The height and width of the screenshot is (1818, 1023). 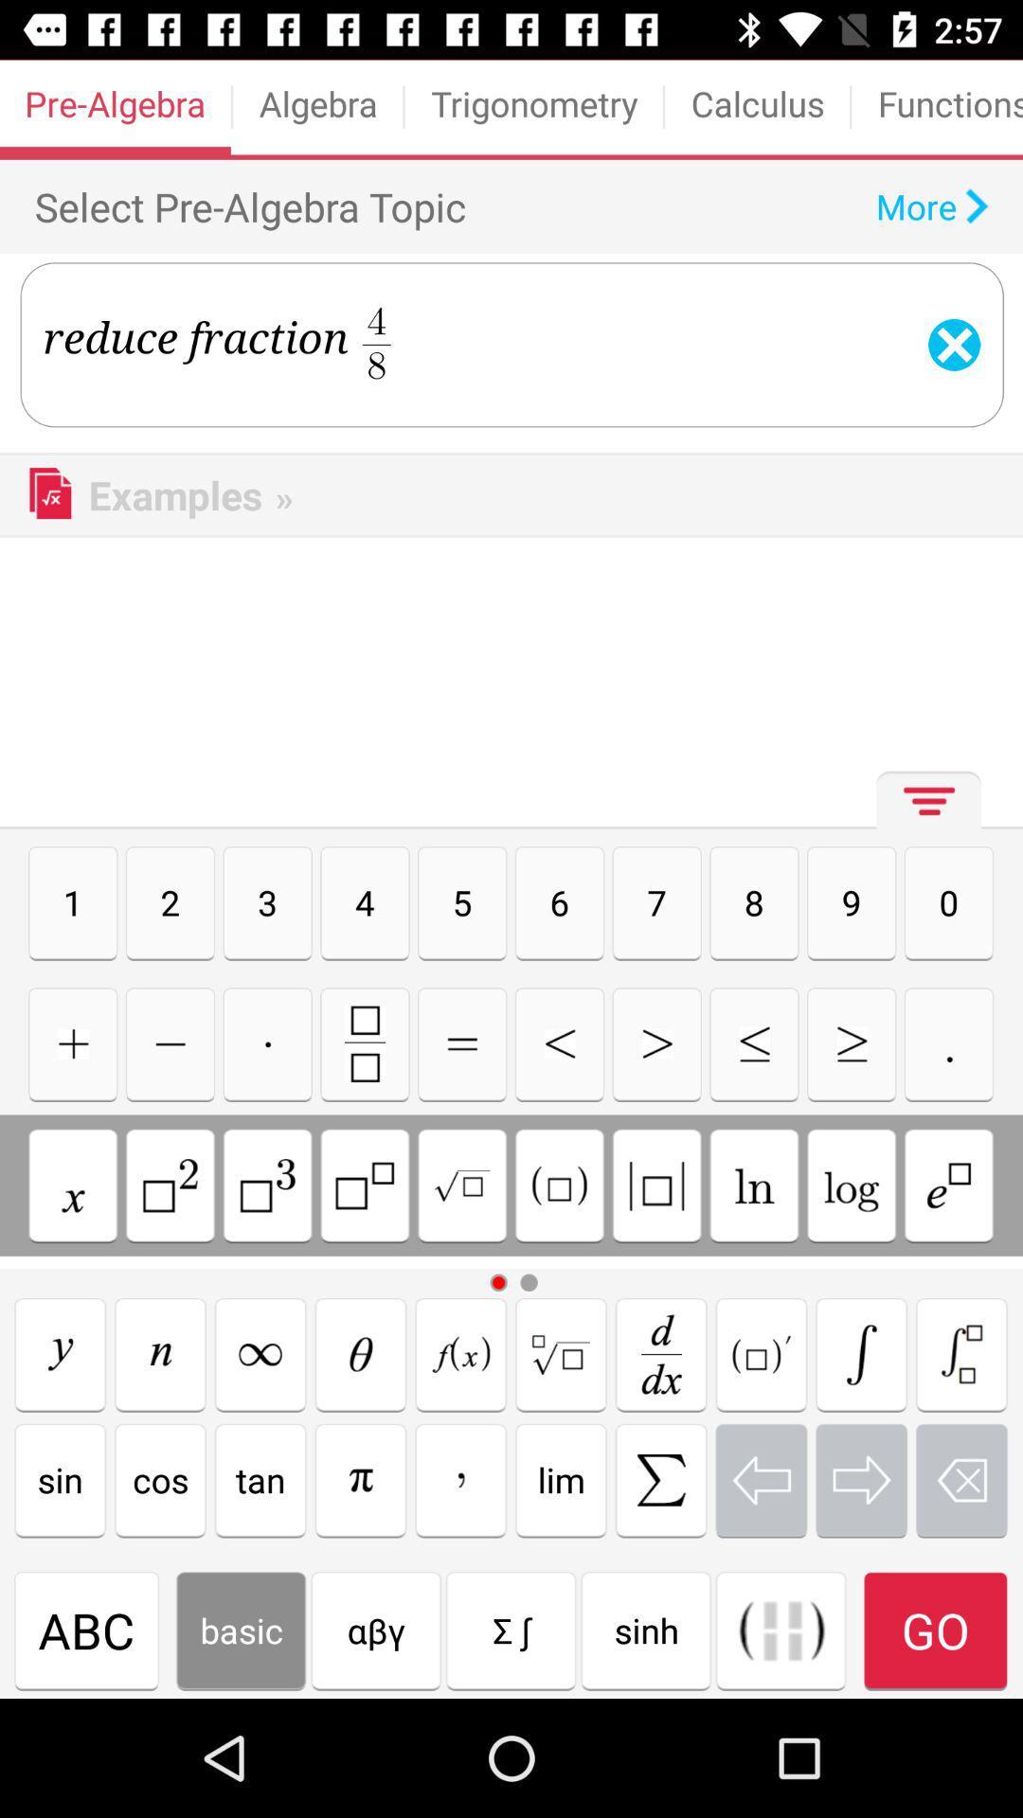 I want to click on the arrow_forward icon, so click(x=861, y=1479).